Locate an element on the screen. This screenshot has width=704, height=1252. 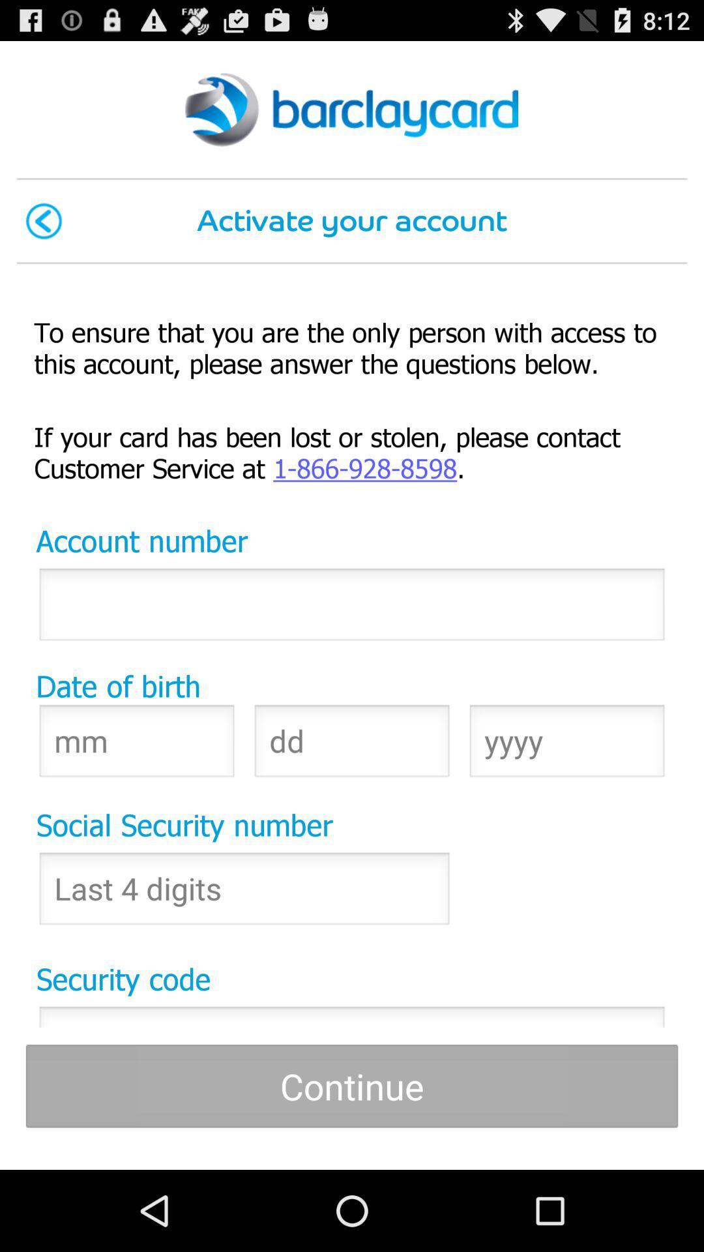
if your card item is located at coordinates (352, 451).